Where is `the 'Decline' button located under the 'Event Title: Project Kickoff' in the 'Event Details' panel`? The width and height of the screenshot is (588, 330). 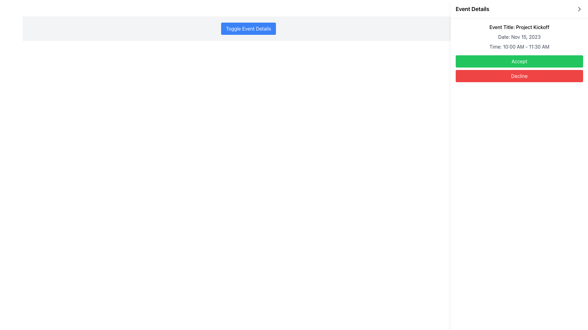
the 'Decline' button located under the 'Event Title: Project Kickoff' in the 'Event Details' panel is located at coordinates (519, 76).